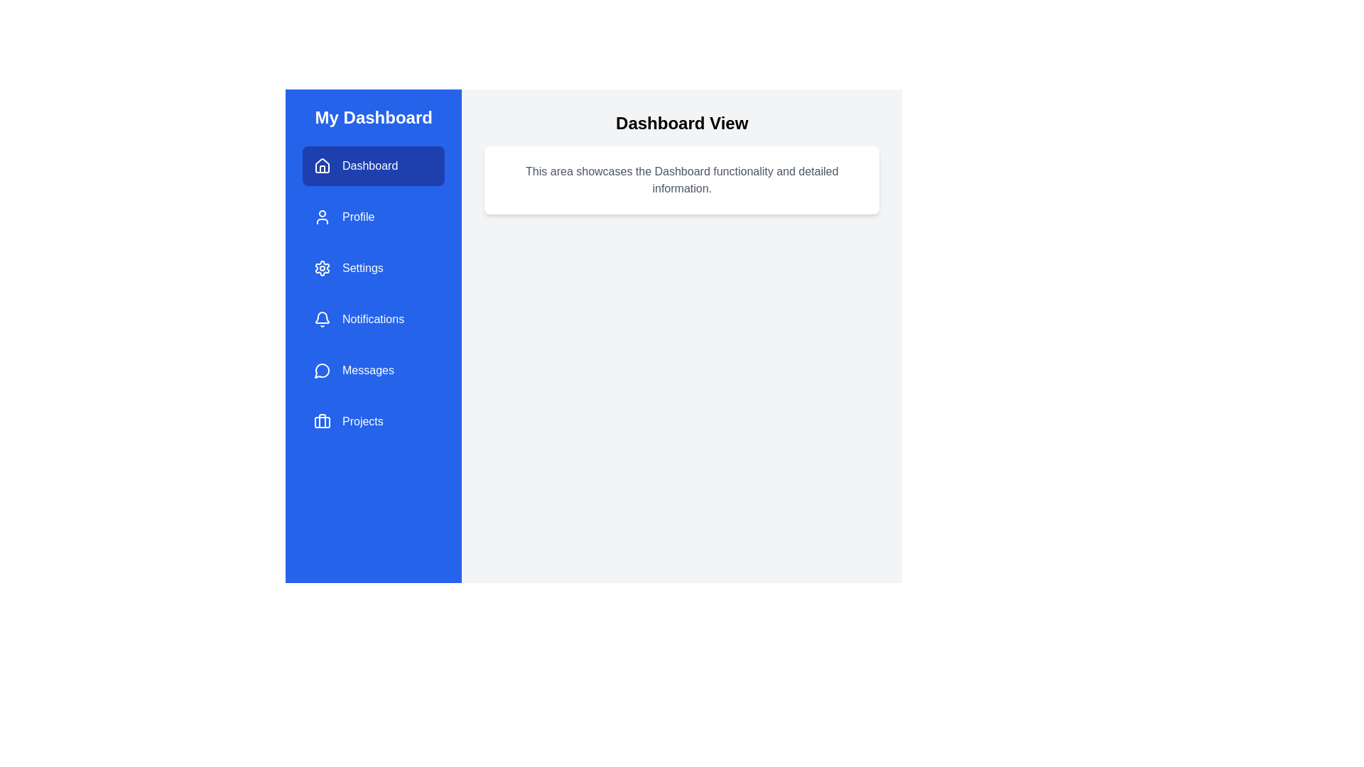  I want to click on the text 'Dashboard View' in the main view area, so click(682, 122).